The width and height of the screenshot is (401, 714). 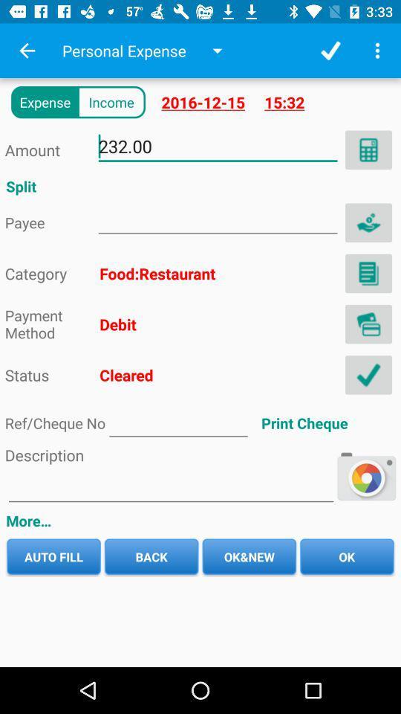 I want to click on done the option, so click(x=368, y=374).